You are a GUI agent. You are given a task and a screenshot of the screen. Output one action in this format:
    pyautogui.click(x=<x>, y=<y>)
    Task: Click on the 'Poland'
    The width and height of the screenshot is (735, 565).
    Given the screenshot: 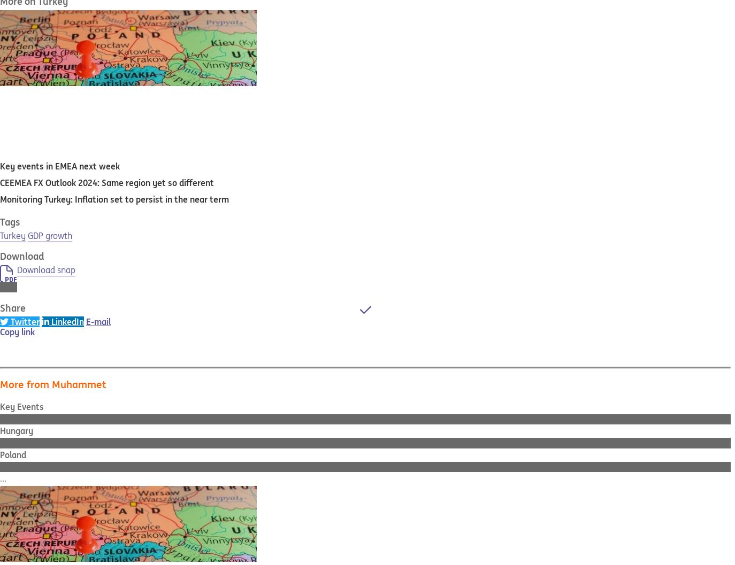 What is the action you would take?
    pyautogui.click(x=12, y=454)
    